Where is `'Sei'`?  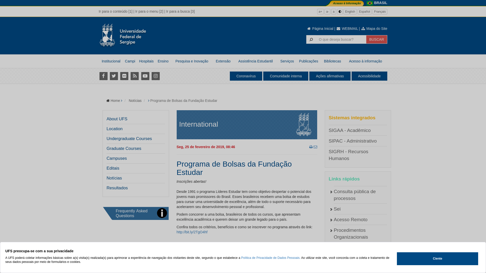
'Sei' is located at coordinates (337, 209).